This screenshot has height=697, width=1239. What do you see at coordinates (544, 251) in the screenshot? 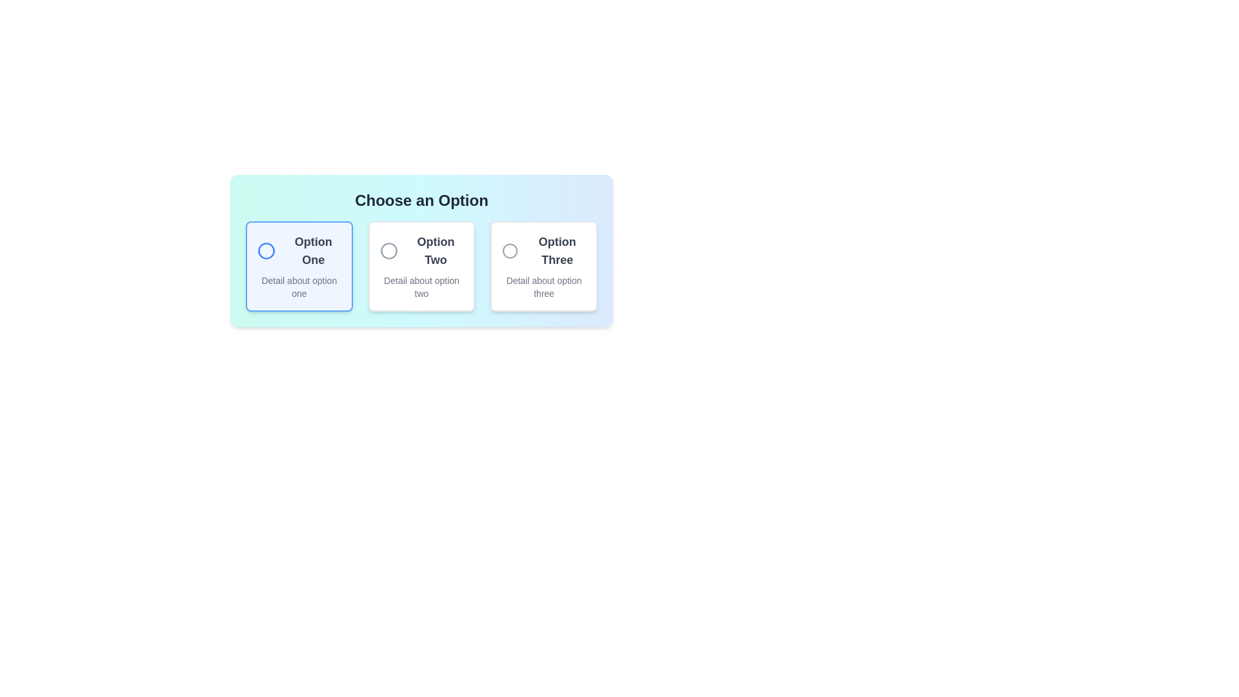
I see `the 'Option Three' label with circular icon` at bounding box center [544, 251].